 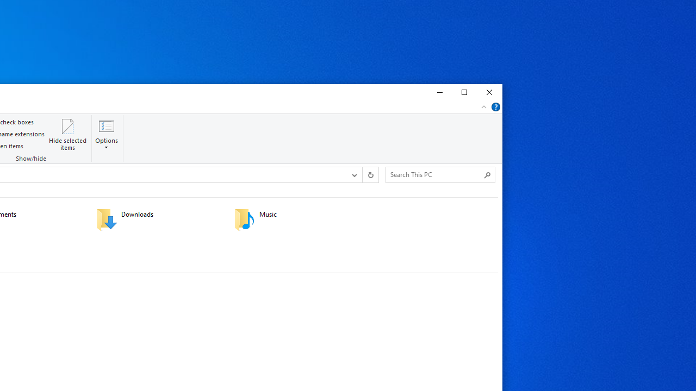 What do you see at coordinates (439, 92) in the screenshot?
I see `'Minimize'` at bounding box center [439, 92].